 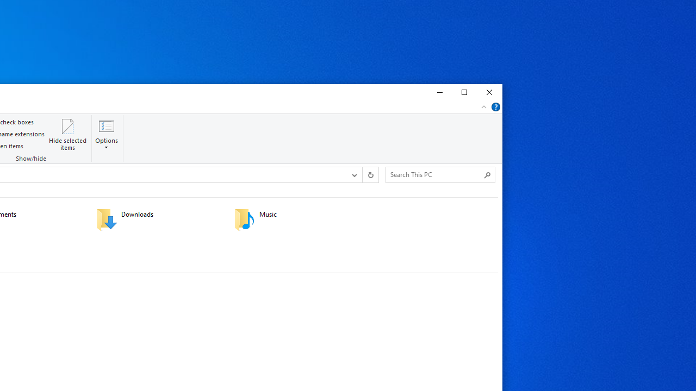 What do you see at coordinates (439, 92) in the screenshot?
I see `'Minimize'` at bounding box center [439, 92].